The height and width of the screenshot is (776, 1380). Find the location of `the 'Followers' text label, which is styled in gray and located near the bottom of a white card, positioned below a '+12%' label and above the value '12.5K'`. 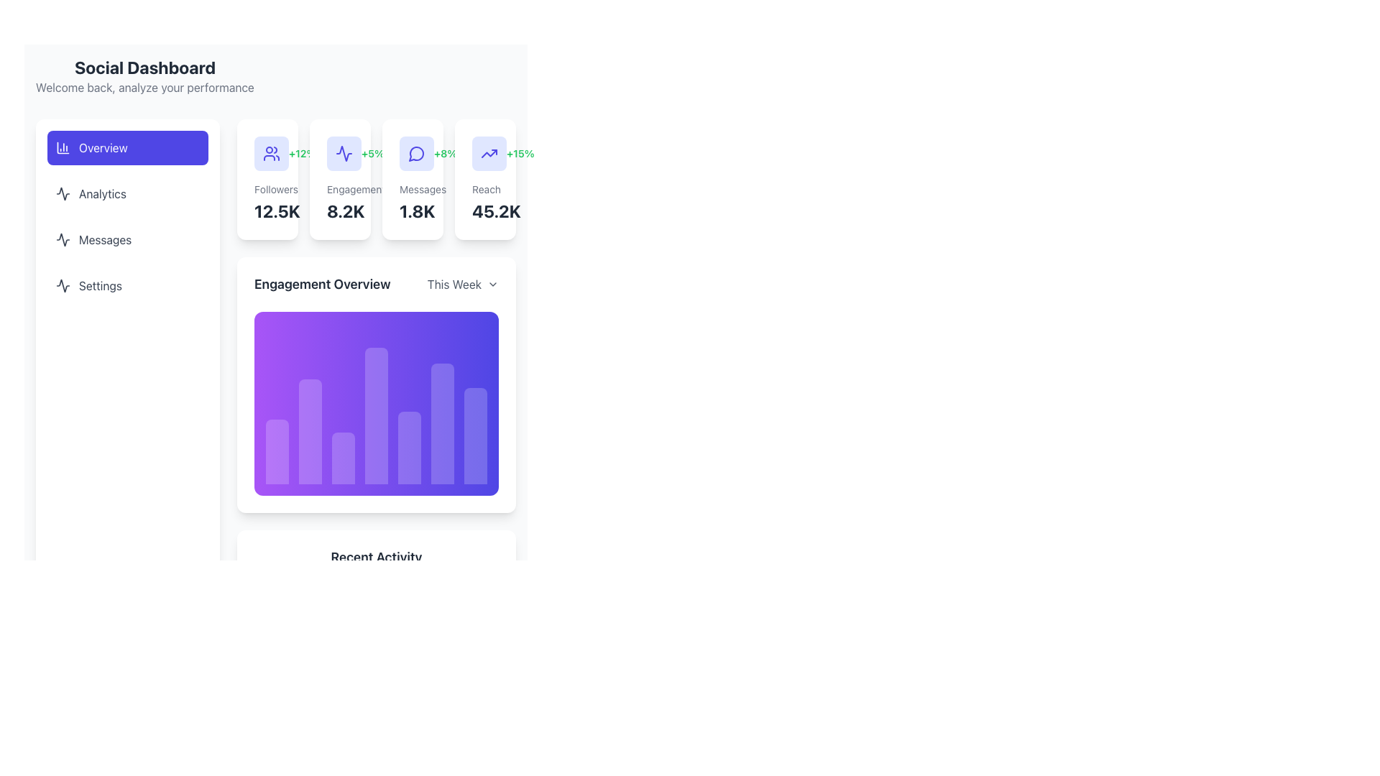

the 'Followers' text label, which is styled in gray and located near the bottom of a white card, positioned below a '+12%' label and above the value '12.5K' is located at coordinates (267, 188).